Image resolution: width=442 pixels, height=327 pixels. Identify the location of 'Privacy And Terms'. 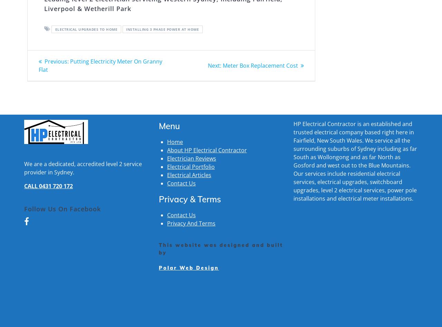
(191, 223).